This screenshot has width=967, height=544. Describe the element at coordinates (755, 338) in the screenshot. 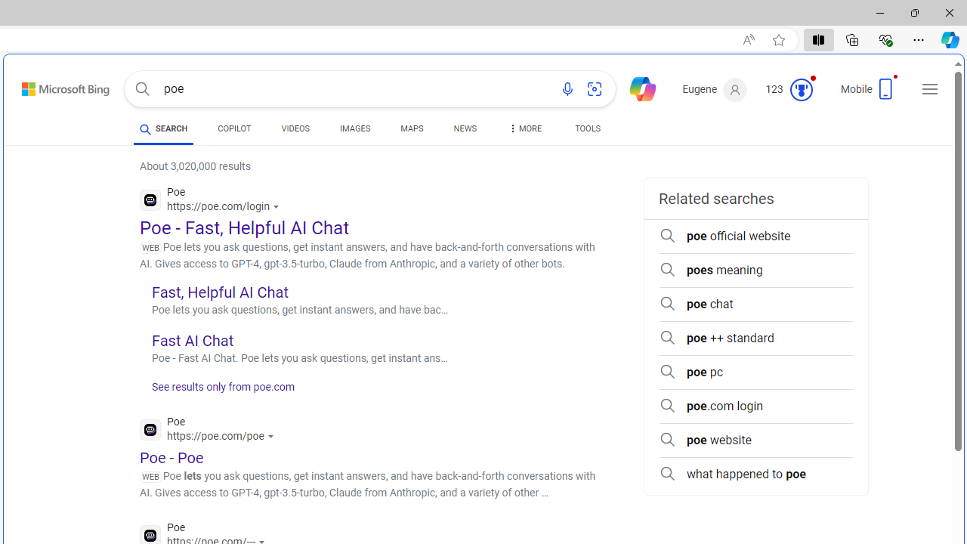

I see `'poe ++ standard'` at that location.